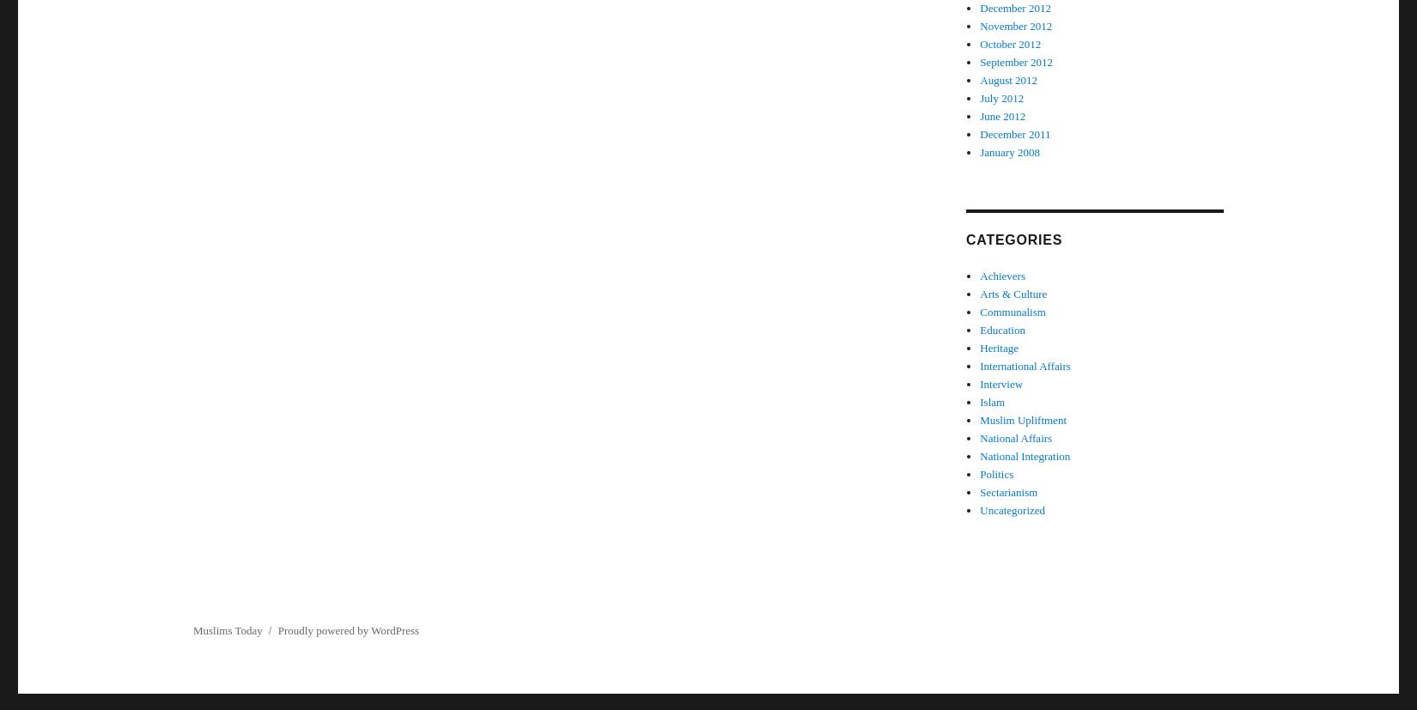 Image resolution: width=1417 pixels, height=710 pixels. Describe the element at coordinates (999, 348) in the screenshot. I see `'Heritage'` at that location.